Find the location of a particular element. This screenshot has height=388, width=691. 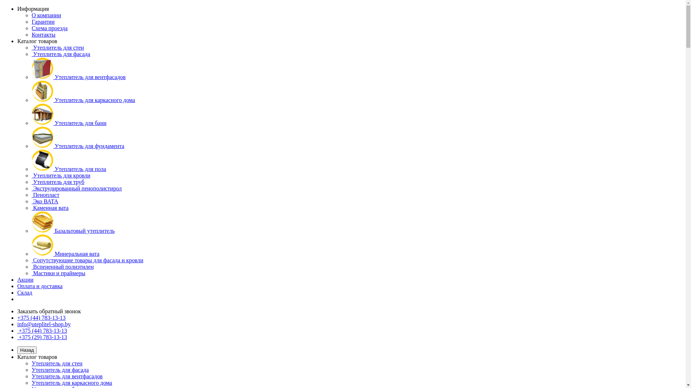

'info@uteplitel-shop.by' is located at coordinates (44, 324).